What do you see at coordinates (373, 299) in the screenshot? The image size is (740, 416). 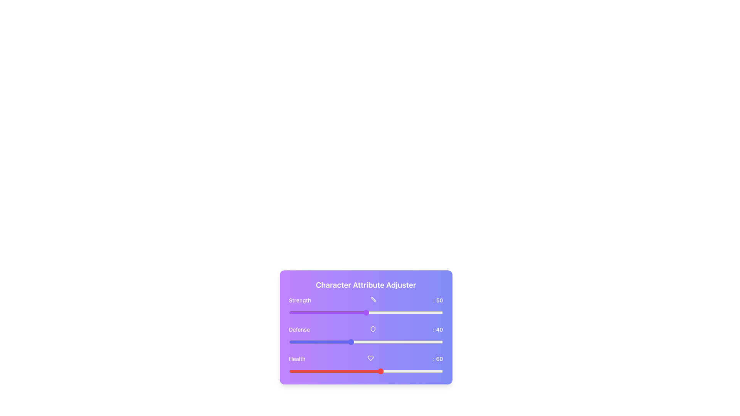 I see `the Vector graphic icon resembling a sword located next to the 'Strength' label and before the numeric value '50'` at bounding box center [373, 299].